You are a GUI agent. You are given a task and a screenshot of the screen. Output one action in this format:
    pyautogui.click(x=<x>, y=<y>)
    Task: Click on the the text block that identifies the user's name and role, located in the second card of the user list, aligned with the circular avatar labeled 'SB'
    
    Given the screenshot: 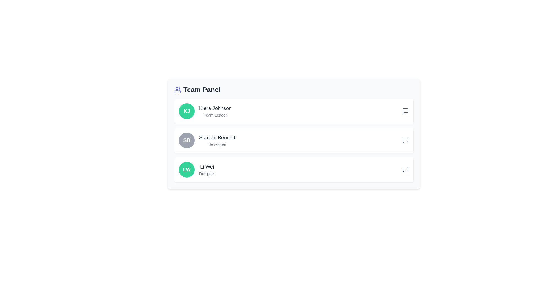 What is the action you would take?
    pyautogui.click(x=217, y=140)
    